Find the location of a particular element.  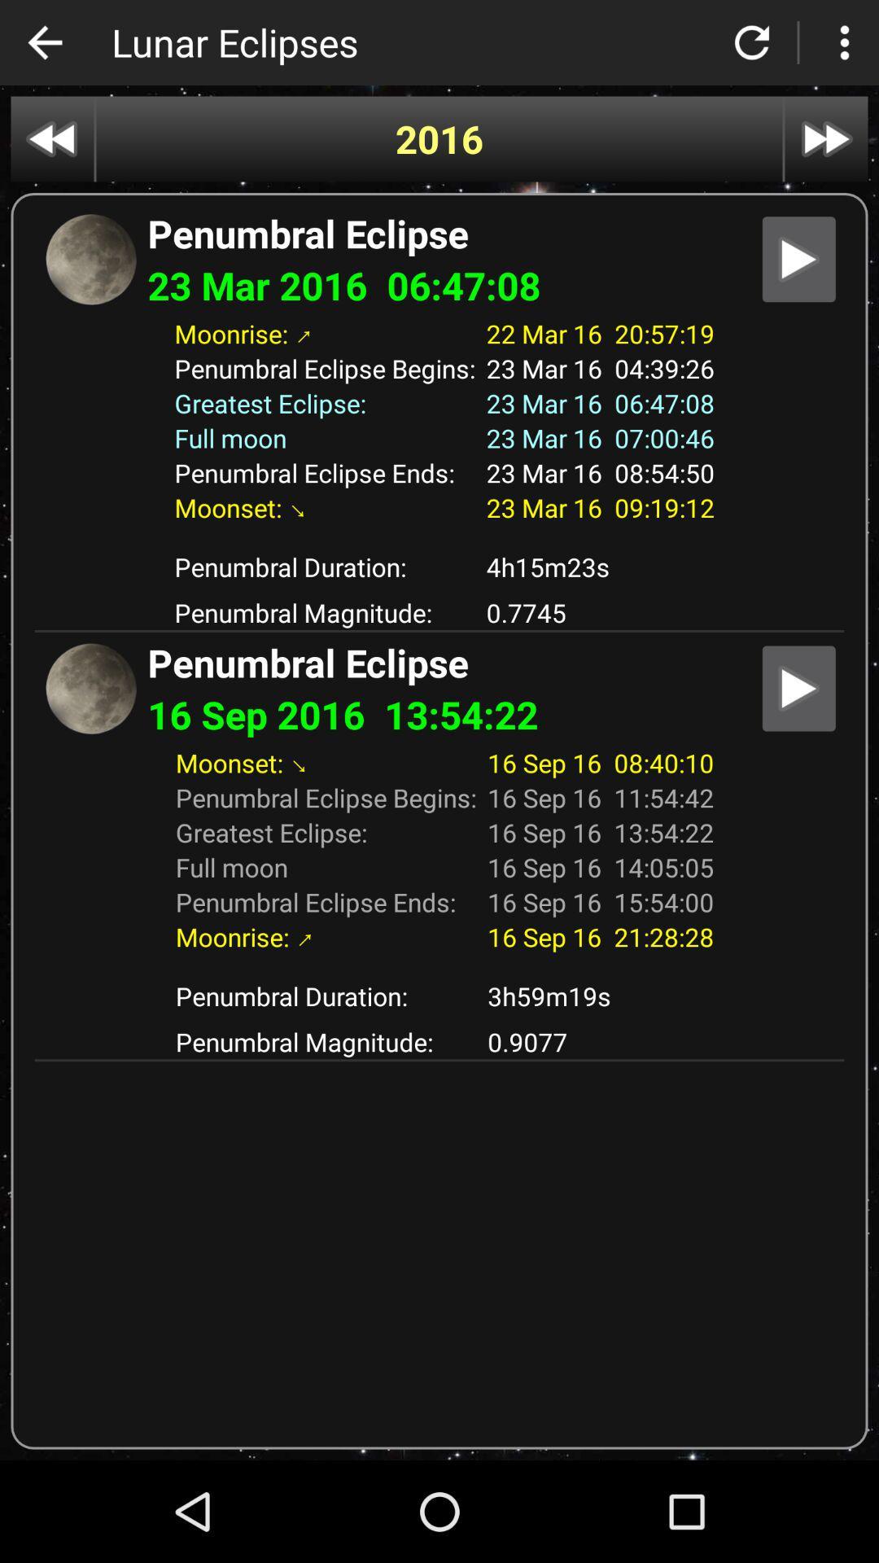

undo button is located at coordinates (44, 42).